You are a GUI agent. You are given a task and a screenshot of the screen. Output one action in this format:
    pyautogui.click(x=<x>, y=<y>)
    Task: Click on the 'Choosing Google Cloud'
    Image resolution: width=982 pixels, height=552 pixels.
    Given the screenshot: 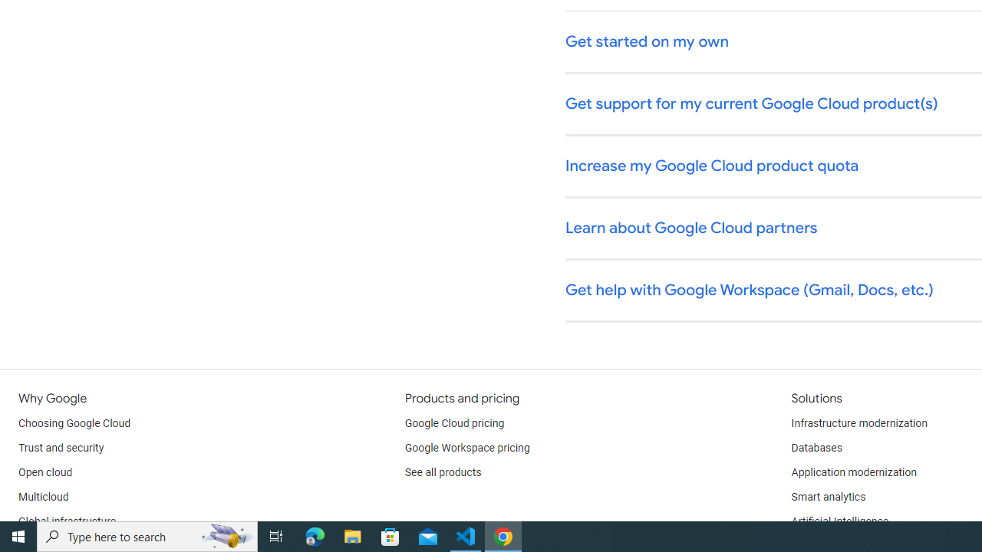 What is the action you would take?
    pyautogui.click(x=74, y=423)
    